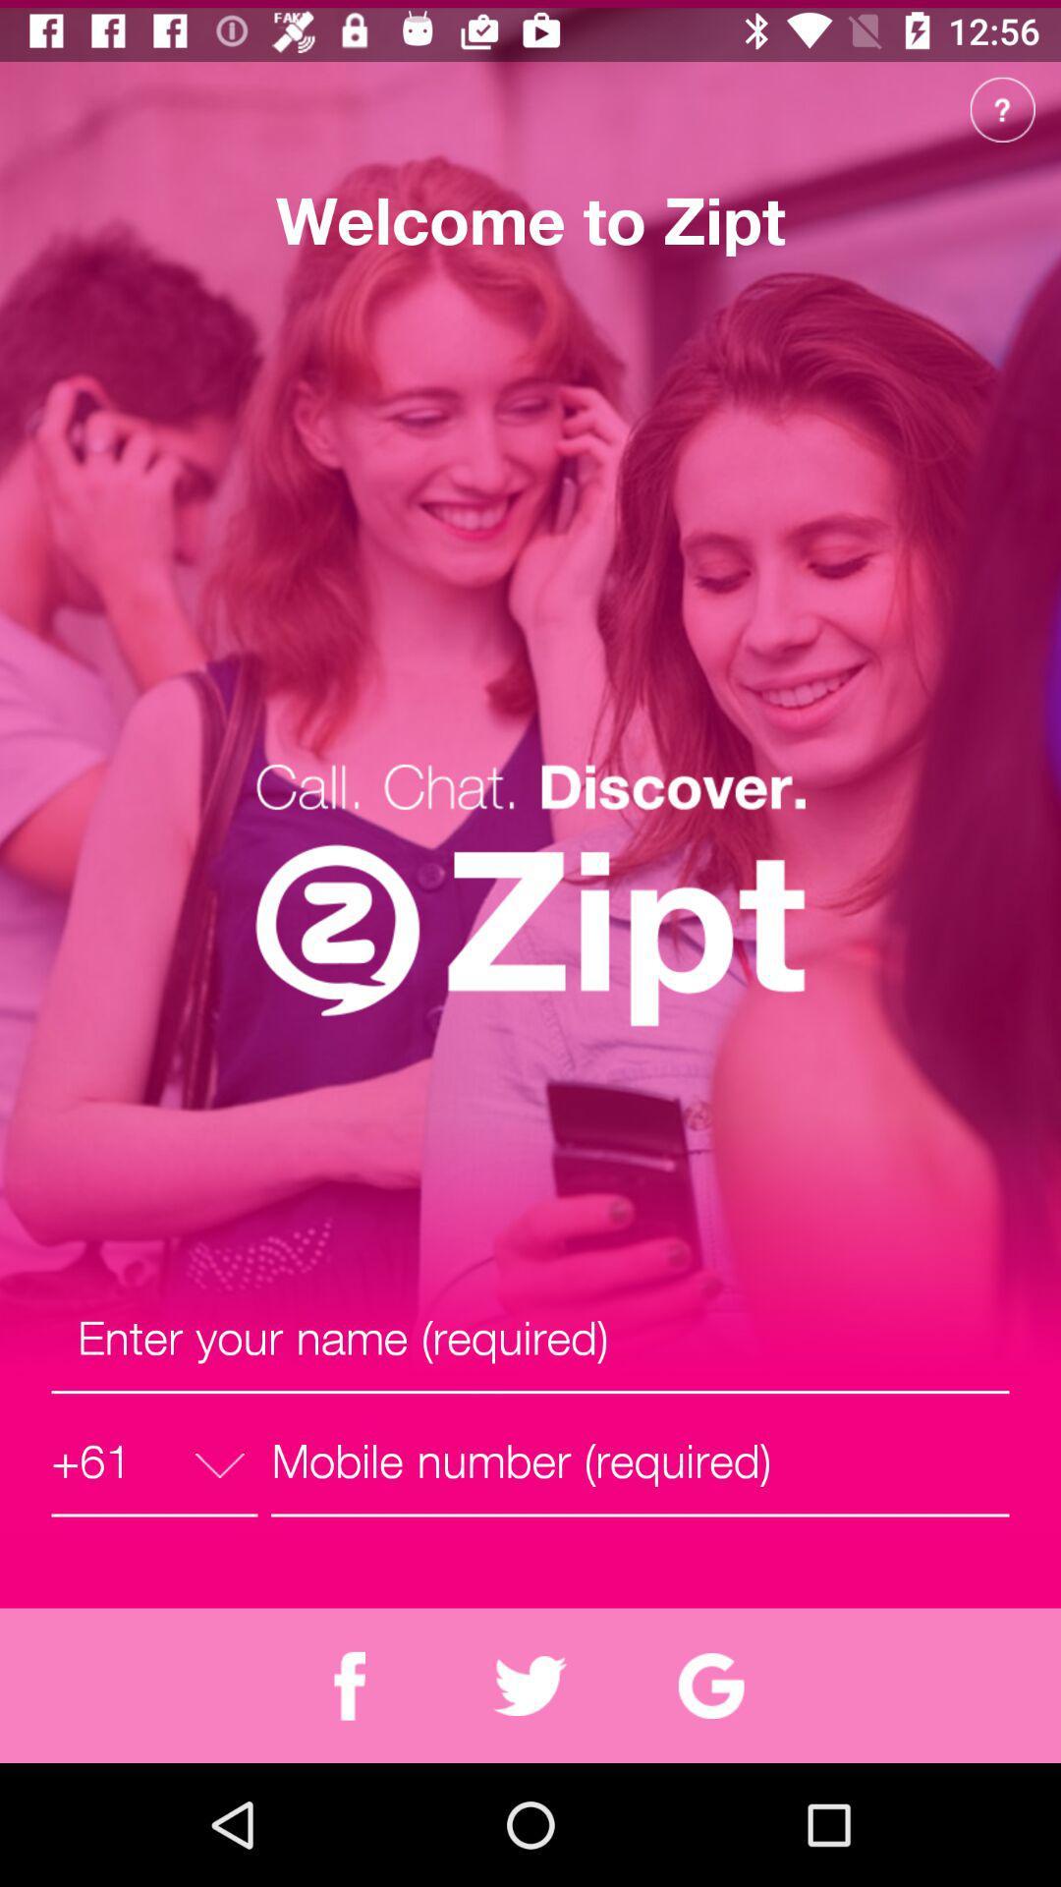  What do you see at coordinates (530, 1685) in the screenshot?
I see `the twitter icon` at bounding box center [530, 1685].